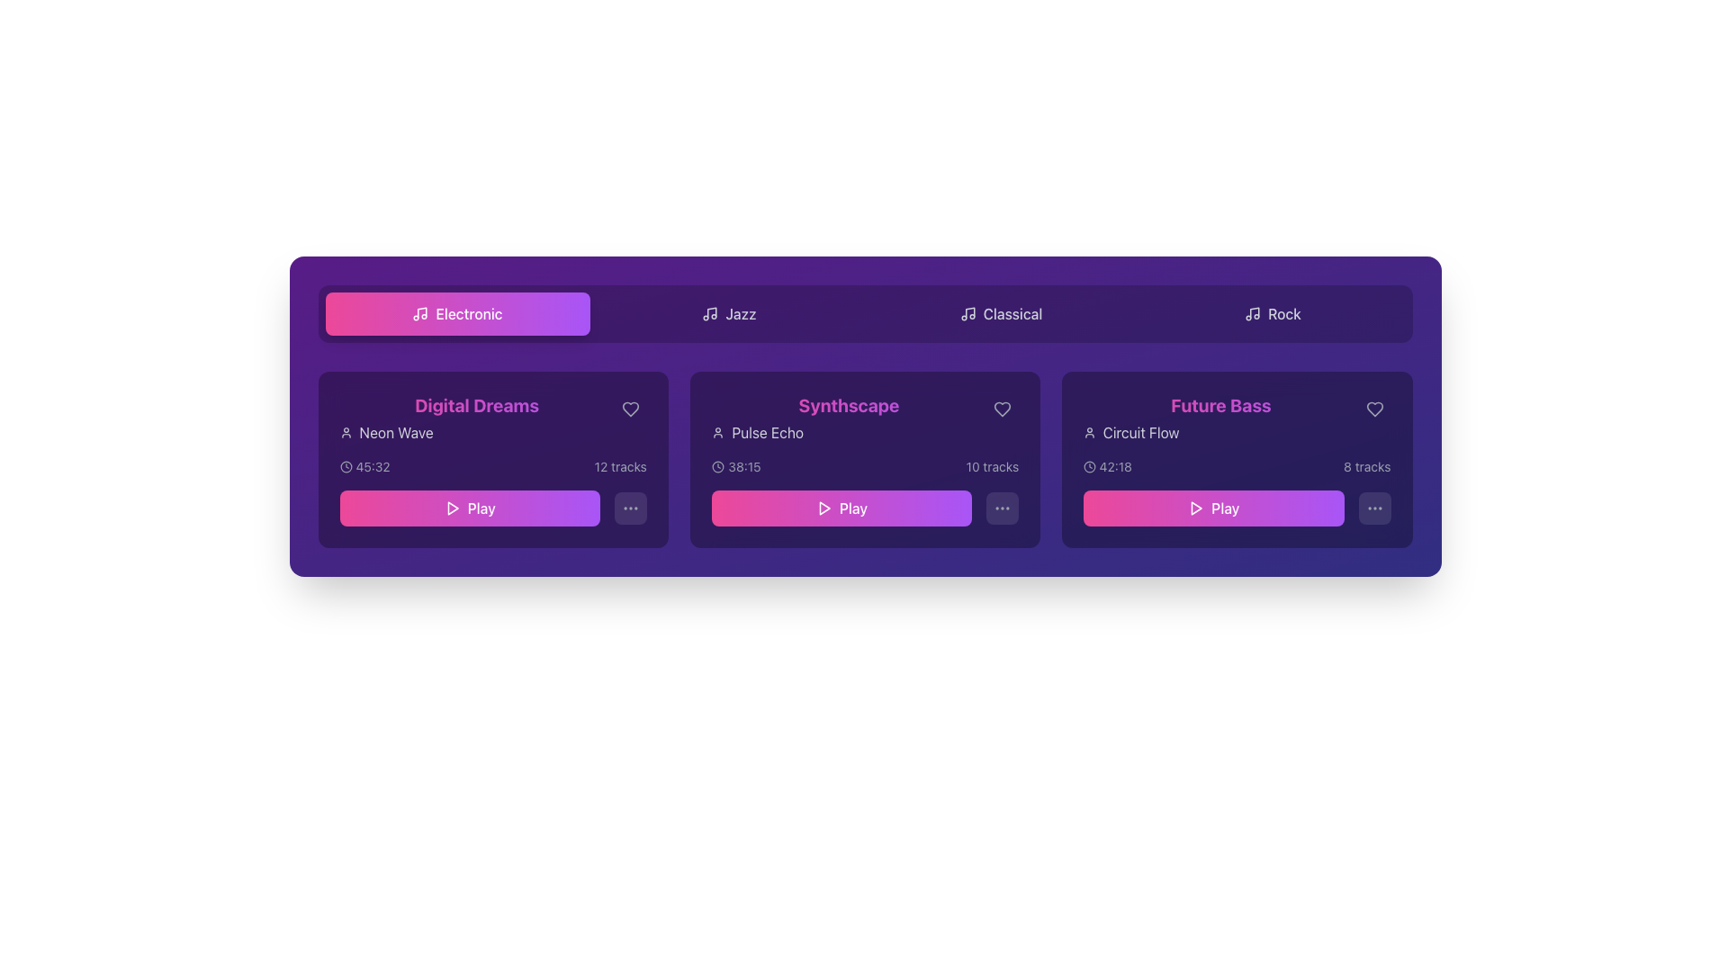 The width and height of the screenshot is (1728, 972). Describe the element at coordinates (1012, 312) in the screenshot. I see `the 'Classical' text label, which indicates a music genre category and is the third label in a horizontal row of four labels` at that location.